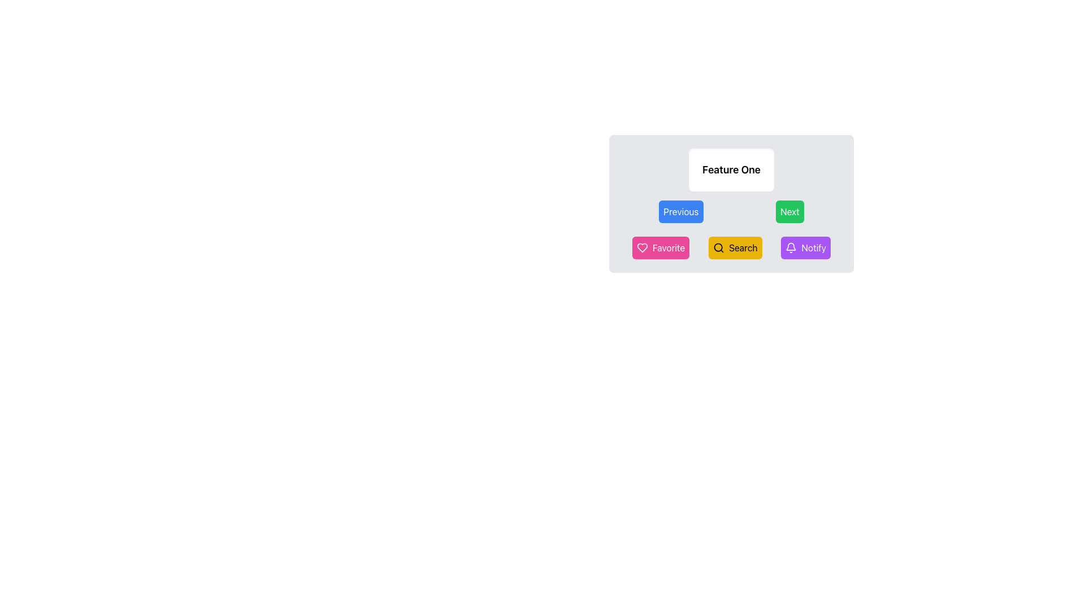 The image size is (1085, 610). Describe the element at coordinates (731, 251) in the screenshot. I see `the central control panel to interact with its components such as searching, favoriting, or receiving notifications` at that location.